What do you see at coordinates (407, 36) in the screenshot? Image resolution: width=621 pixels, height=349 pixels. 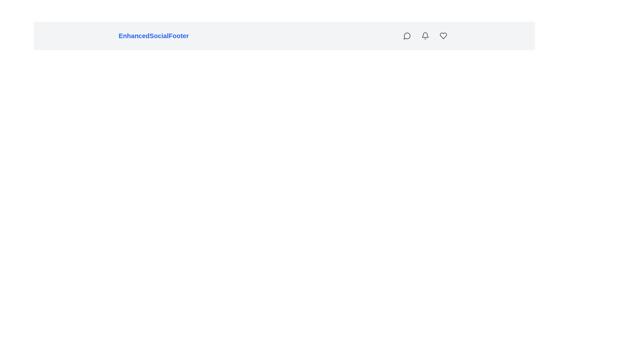 I see `the speech bubble icon representing a message feature, located in the upper-right section of the toolbar` at bounding box center [407, 36].